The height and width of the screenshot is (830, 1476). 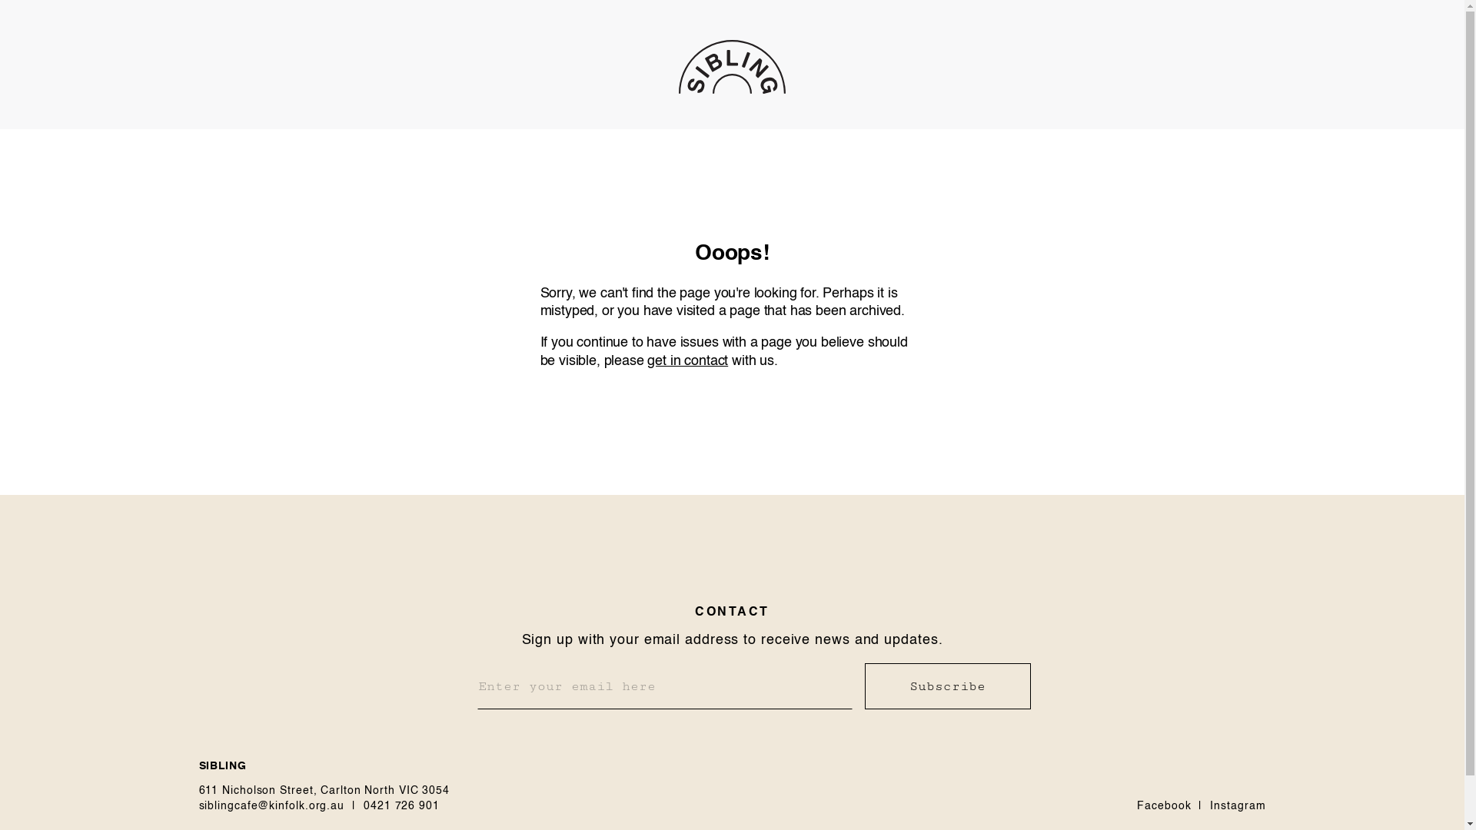 What do you see at coordinates (686, 361) in the screenshot?
I see `'get in contact'` at bounding box center [686, 361].